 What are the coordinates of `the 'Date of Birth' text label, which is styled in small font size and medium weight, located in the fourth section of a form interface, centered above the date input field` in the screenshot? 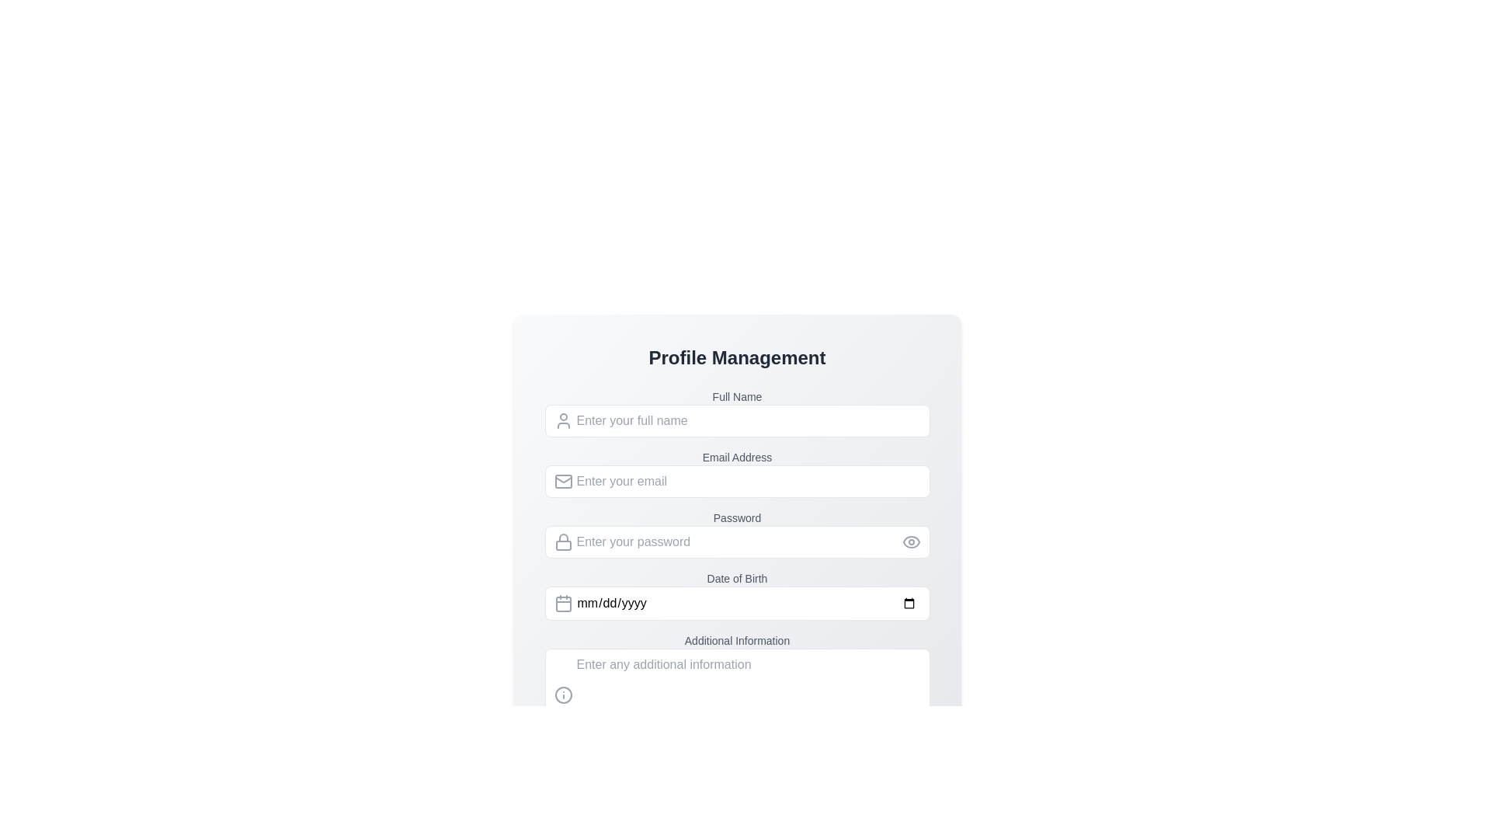 It's located at (736, 578).